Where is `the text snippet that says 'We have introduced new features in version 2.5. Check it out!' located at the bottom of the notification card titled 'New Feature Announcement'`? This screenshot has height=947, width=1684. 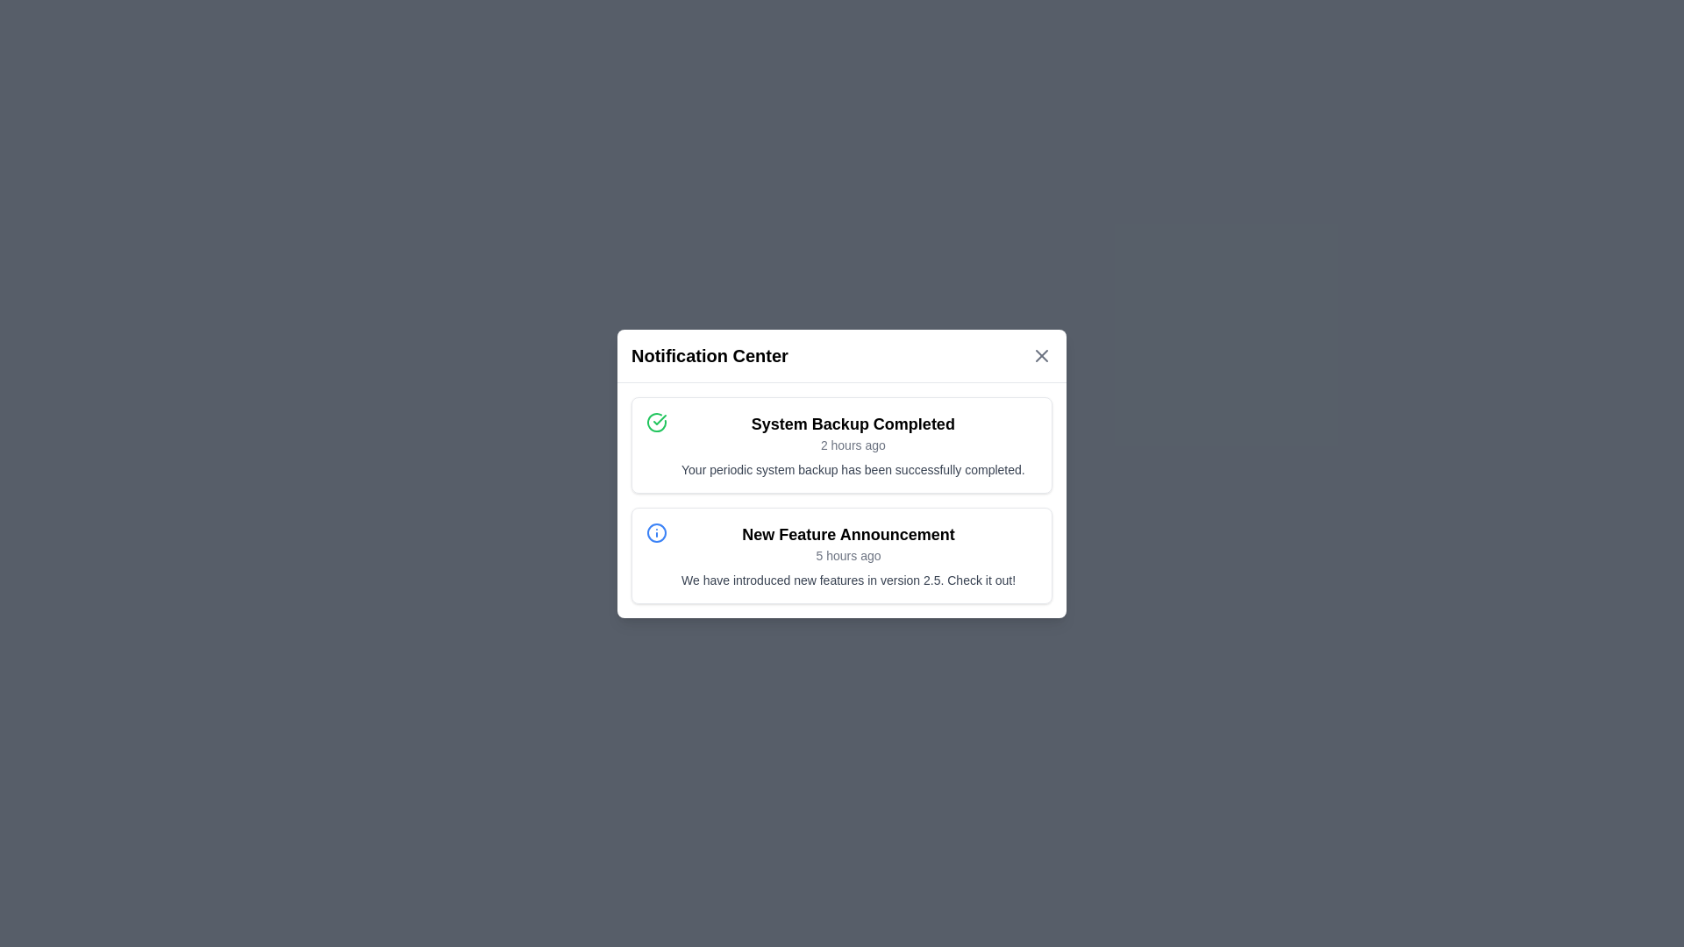 the text snippet that says 'We have introduced new features in version 2.5. Check it out!' located at the bottom of the notification card titled 'New Feature Announcement' is located at coordinates (848, 580).